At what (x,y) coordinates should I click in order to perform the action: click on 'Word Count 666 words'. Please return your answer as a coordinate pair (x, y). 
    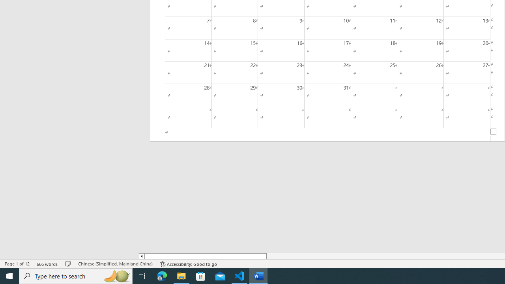
    Looking at the image, I should click on (47, 264).